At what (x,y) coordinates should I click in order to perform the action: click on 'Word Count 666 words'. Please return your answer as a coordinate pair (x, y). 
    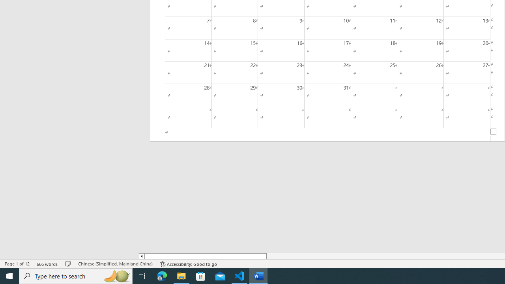
    Looking at the image, I should click on (47, 264).